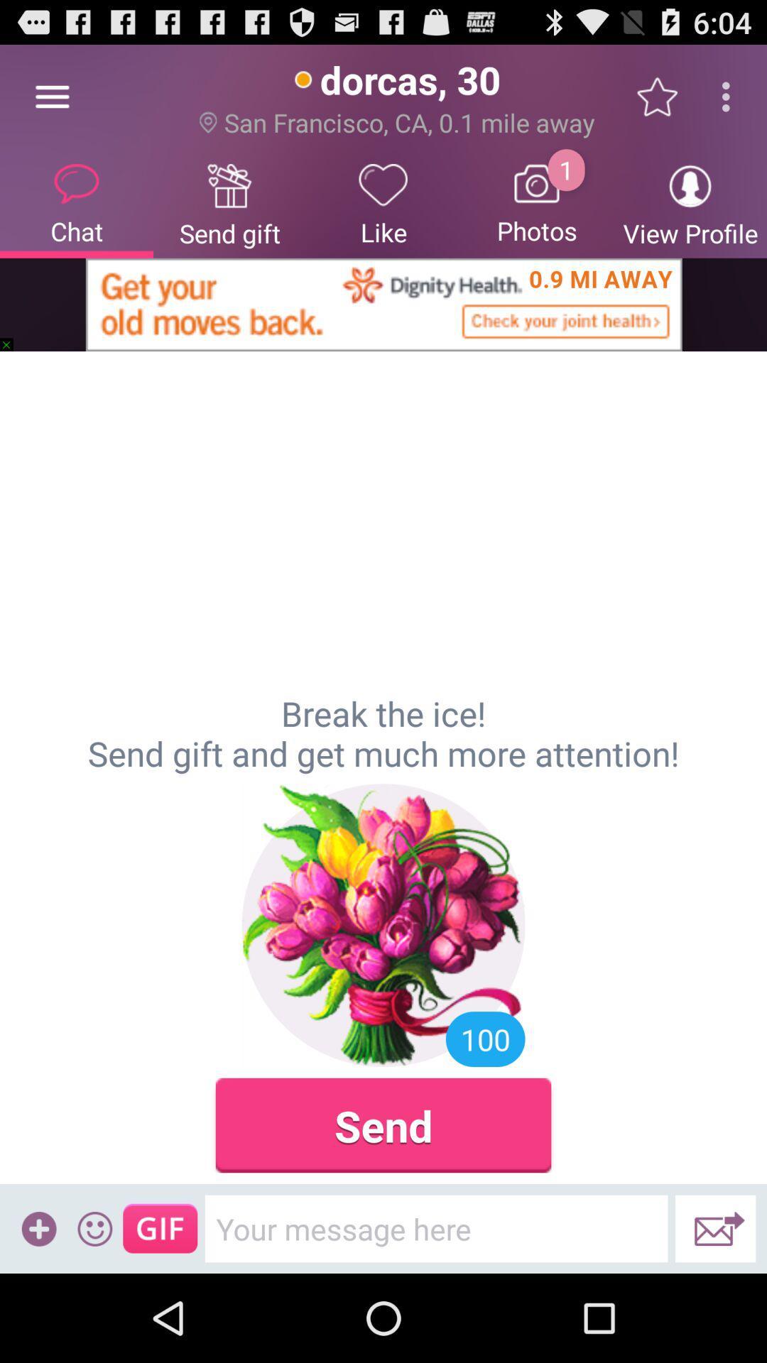 The height and width of the screenshot is (1363, 767). Describe the element at coordinates (664, 96) in the screenshot. I see `the icon to the right of san francisco ca icon` at that location.